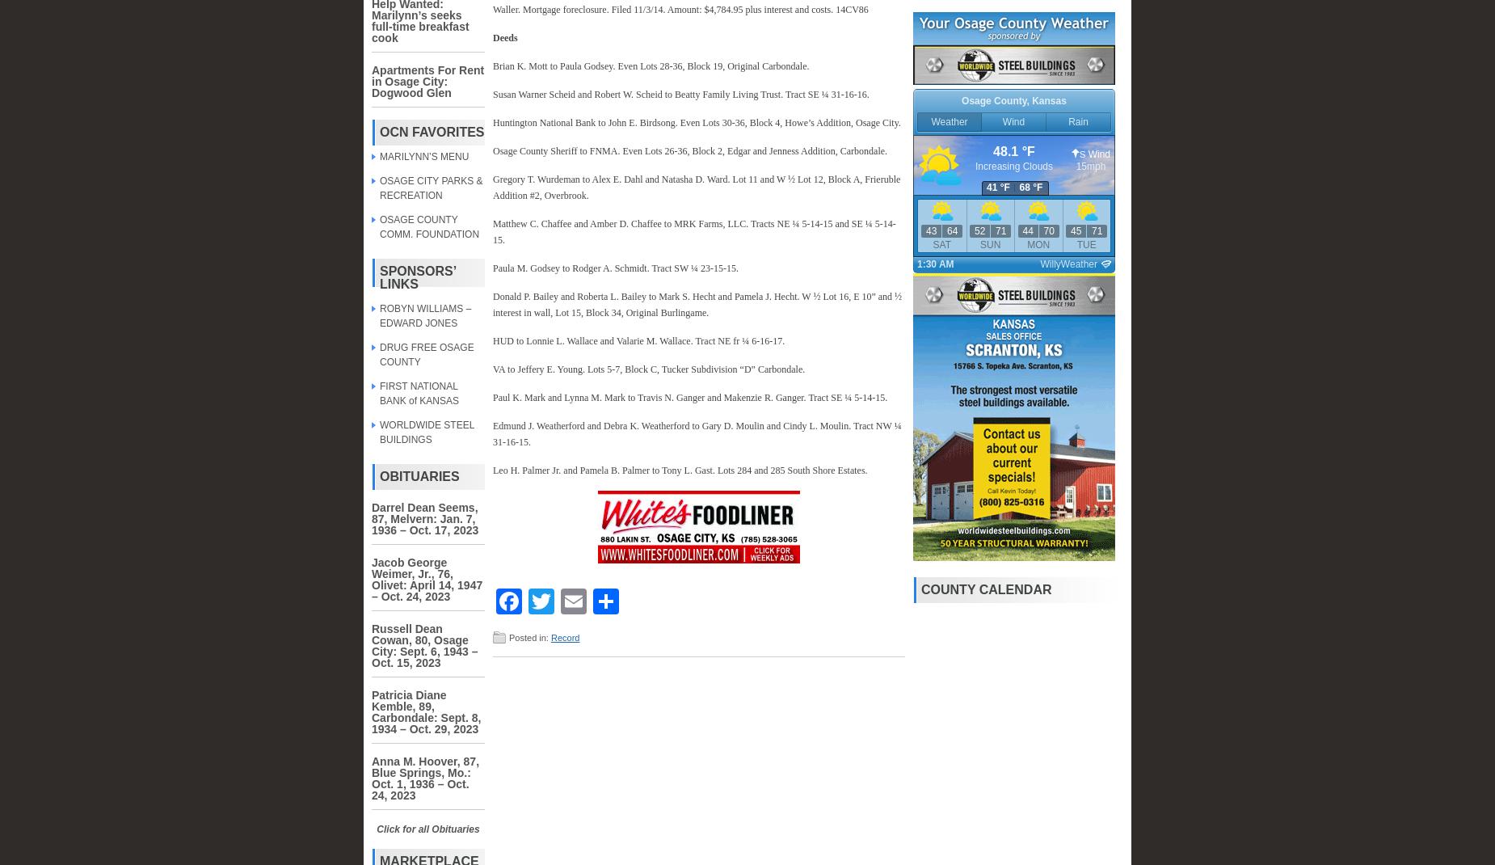 This screenshot has width=1495, height=865. I want to click on 'Susan Warner Scheid and Robert W. Scheid to Beatty Family Living Trust. Tract SE ¼ 31-16-16.', so click(680, 93).